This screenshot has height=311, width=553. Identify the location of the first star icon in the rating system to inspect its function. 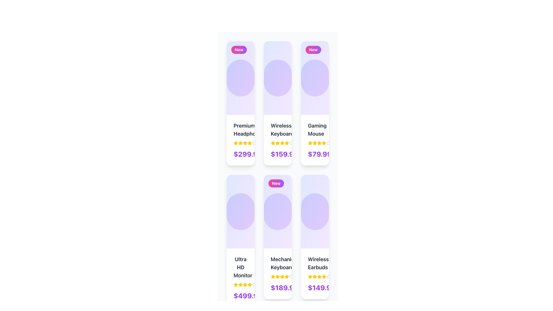
(236, 143).